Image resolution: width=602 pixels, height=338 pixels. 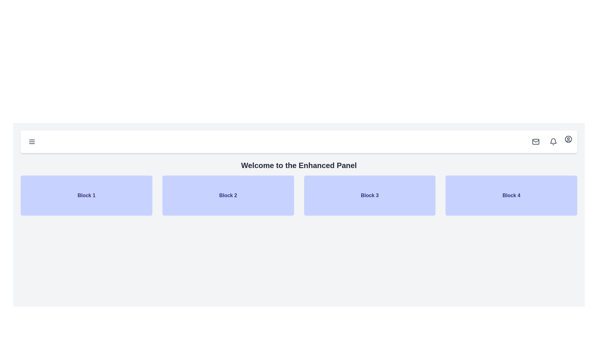 What do you see at coordinates (298, 165) in the screenshot?
I see `the prominent header that displays 'Welcome to the Enhanced Panel', which is styled with centered alignment, a large font size, and bold text, positioned above the blocks labeled 'Block 1' to 'Block 4'` at bounding box center [298, 165].